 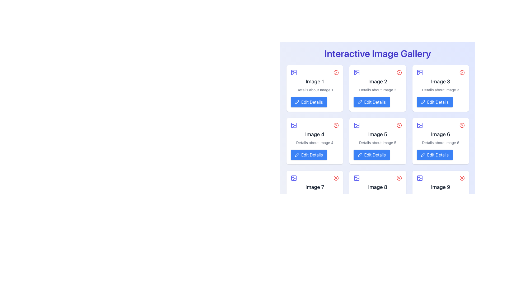 I want to click on the static text element that provides descriptive information related to 'Image 5', located in the middle column of the second row of the grid layout, above the 'Edit Details' button, so click(x=377, y=142).